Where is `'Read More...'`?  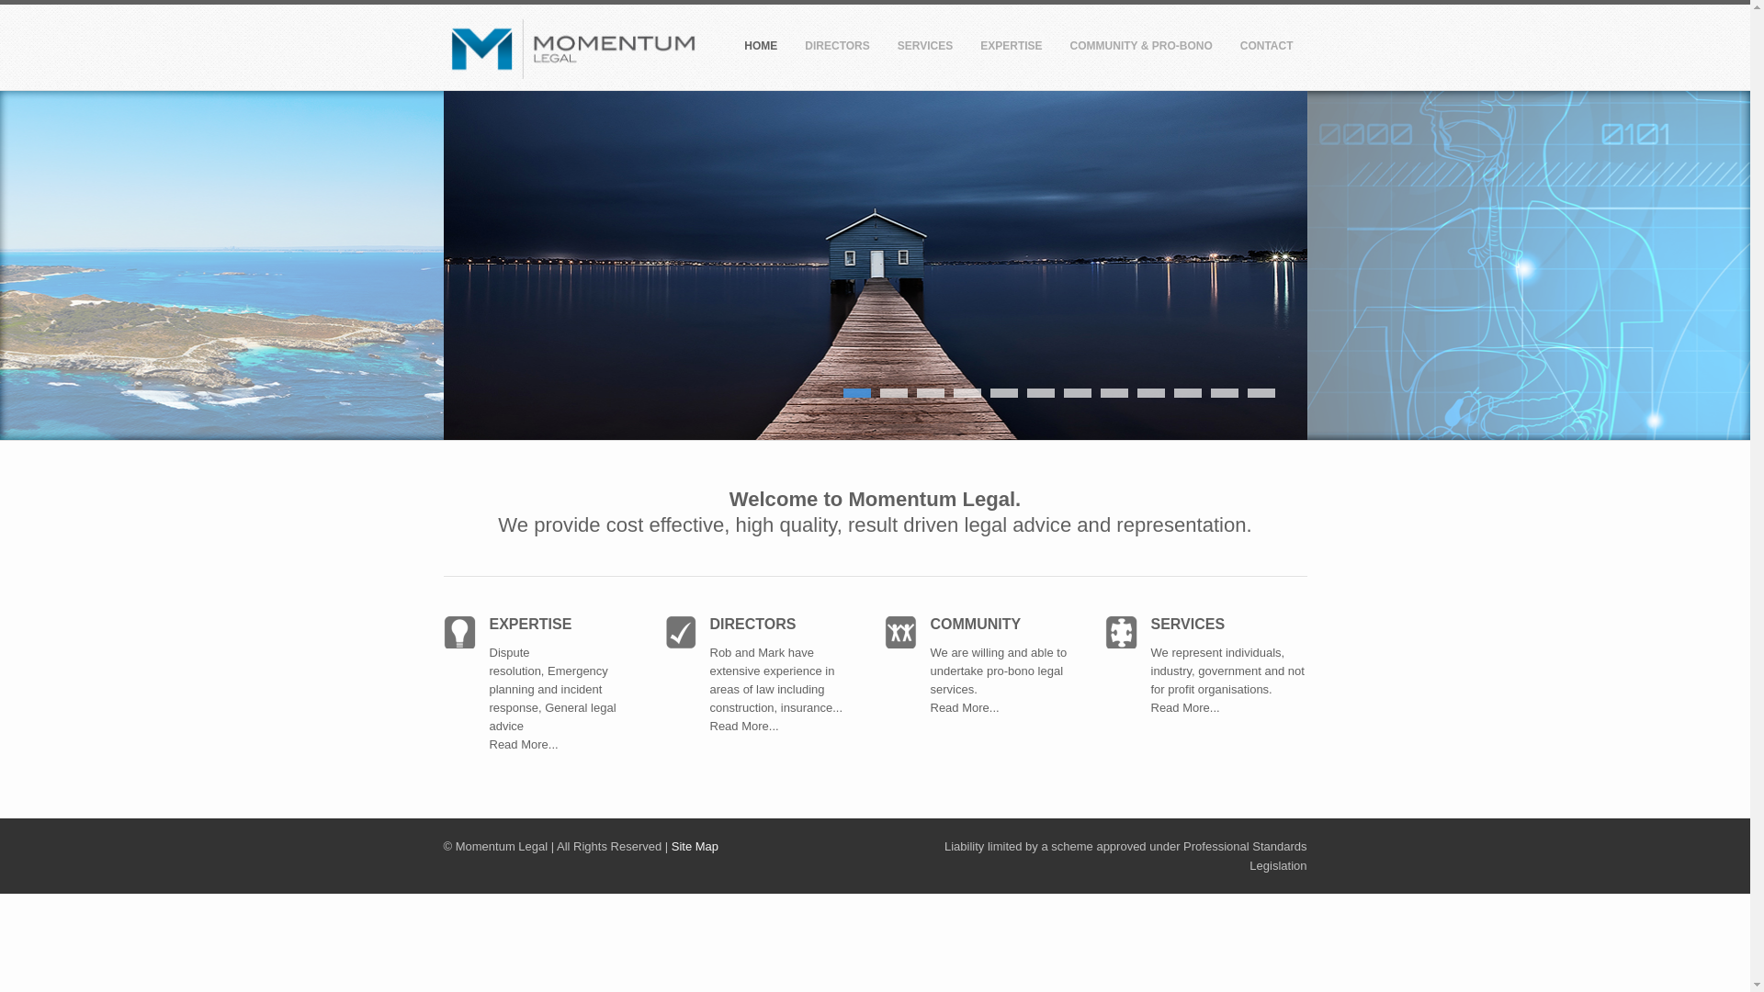 'Read More...' is located at coordinates (522, 753).